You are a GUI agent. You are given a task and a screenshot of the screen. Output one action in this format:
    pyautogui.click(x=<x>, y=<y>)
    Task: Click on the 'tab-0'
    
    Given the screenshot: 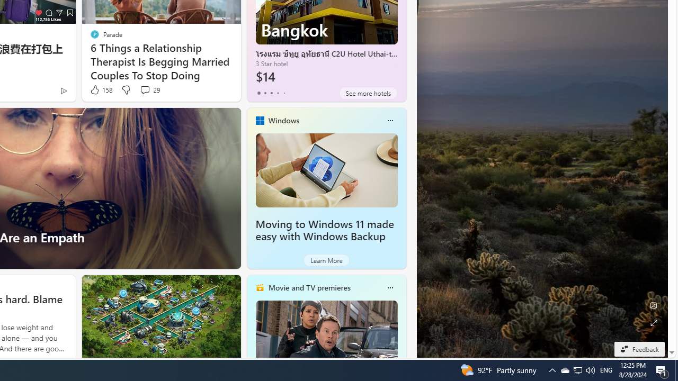 What is the action you would take?
    pyautogui.click(x=258, y=93)
    